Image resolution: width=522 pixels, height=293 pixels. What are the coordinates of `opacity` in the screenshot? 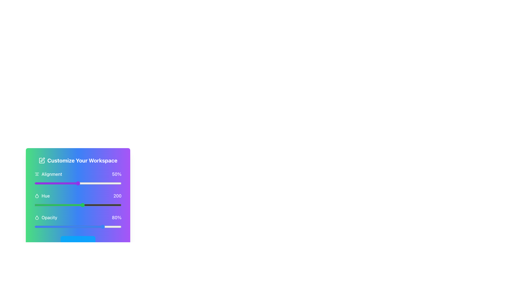 It's located at (54, 227).